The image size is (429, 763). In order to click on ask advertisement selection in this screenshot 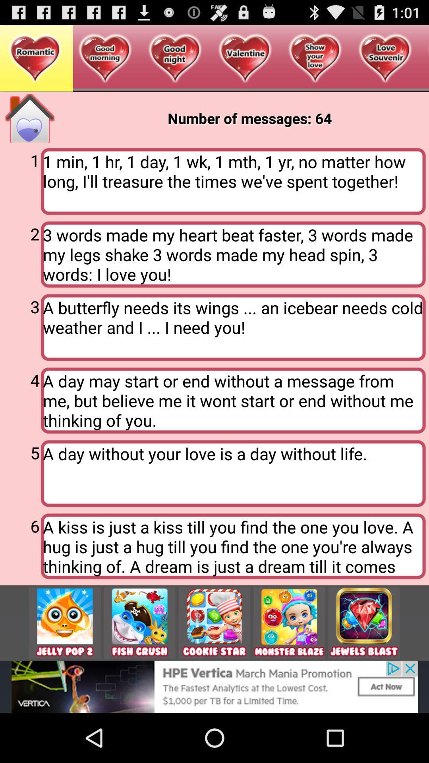, I will do `click(64, 622)`.